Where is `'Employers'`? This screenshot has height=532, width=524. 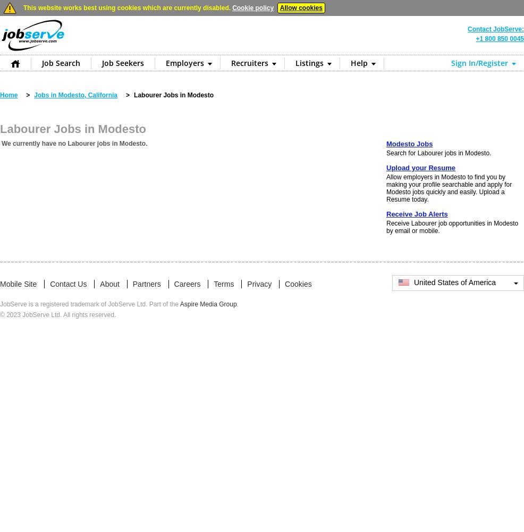
'Employers' is located at coordinates (184, 62).